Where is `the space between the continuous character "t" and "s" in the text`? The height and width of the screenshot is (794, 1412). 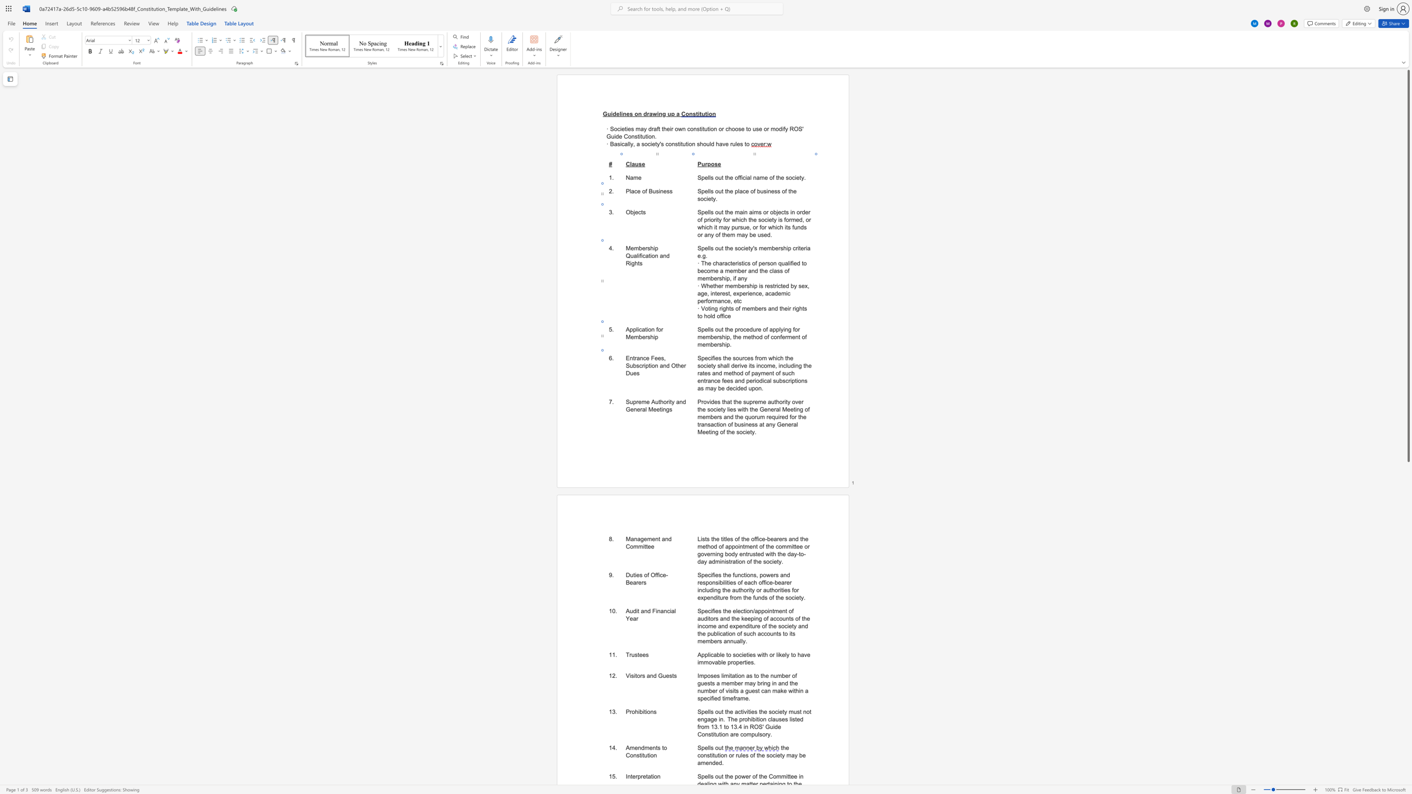
the space between the continuous character "t" and "s" in the text is located at coordinates (674, 675).